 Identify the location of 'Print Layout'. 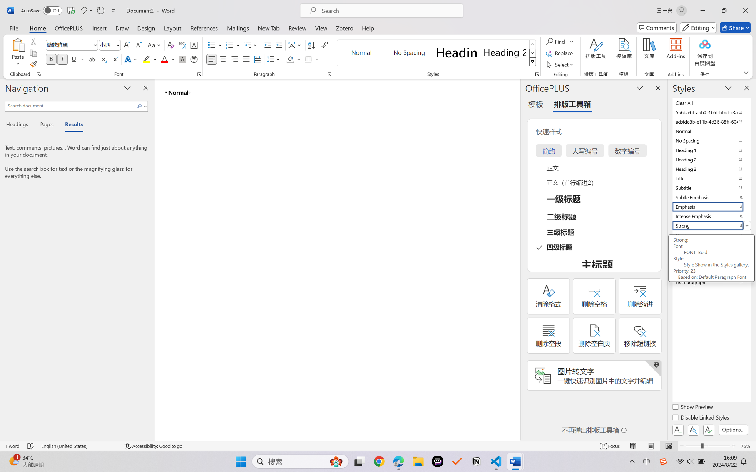
(651, 446).